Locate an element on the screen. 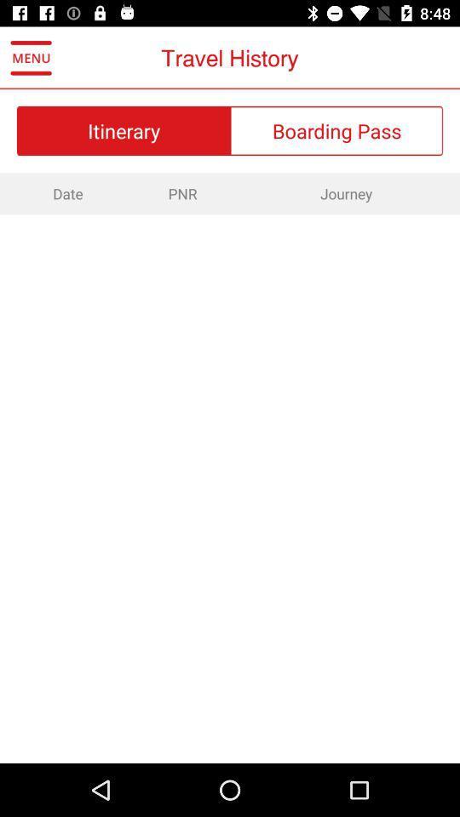  the item above itinerary is located at coordinates (31, 58).